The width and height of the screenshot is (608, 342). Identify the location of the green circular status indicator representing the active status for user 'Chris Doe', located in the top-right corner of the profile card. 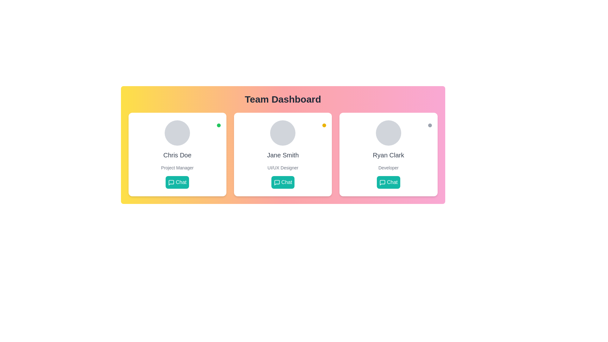
(218, 125).